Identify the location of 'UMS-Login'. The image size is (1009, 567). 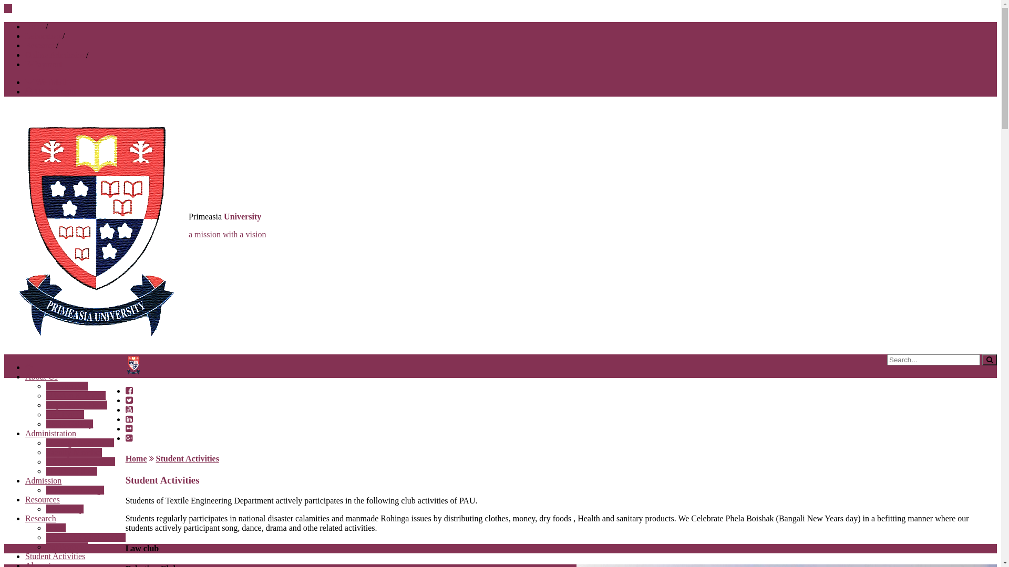
(50, 91).